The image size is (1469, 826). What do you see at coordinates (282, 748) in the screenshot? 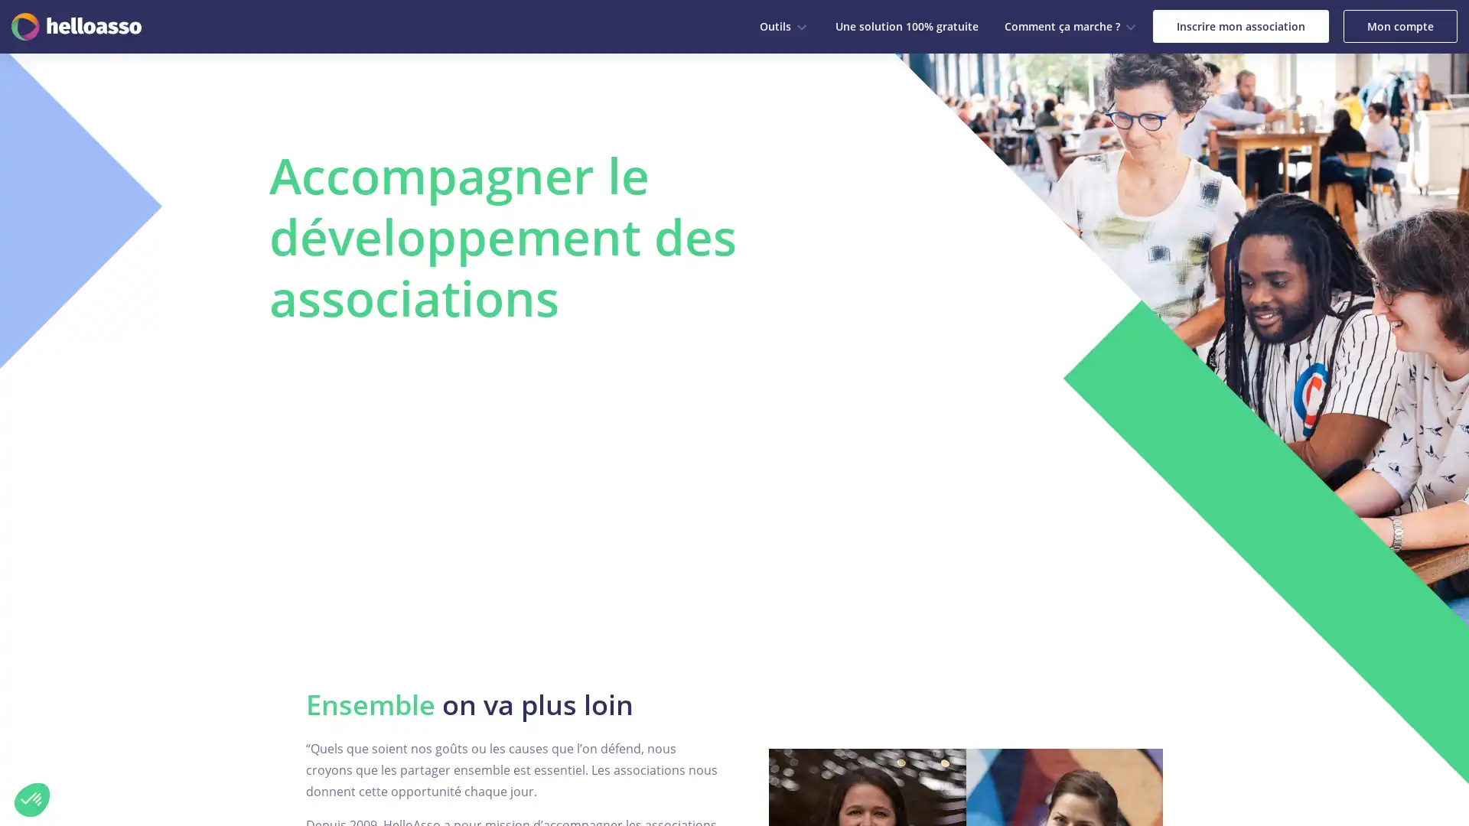
I see `Tout accepter` at bounding box center [282, 748].